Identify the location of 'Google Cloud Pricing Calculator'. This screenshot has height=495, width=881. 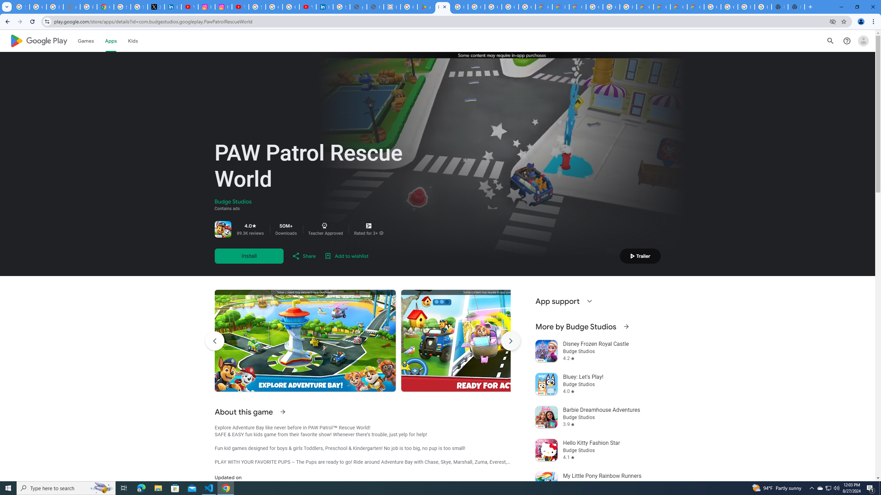
(661, 7).